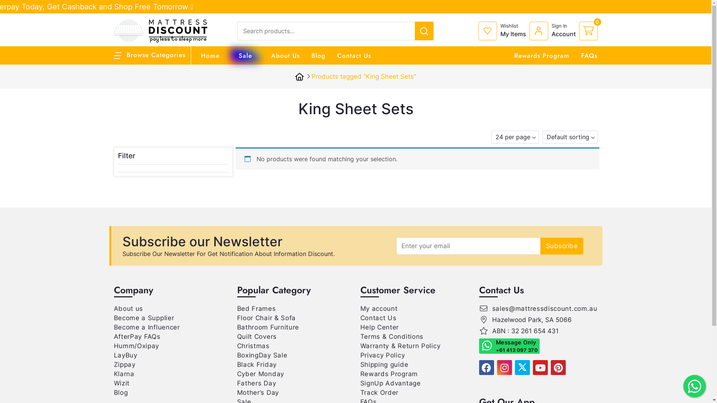  Describe the element at coordinates (311, 55) in the screenshot. I see `'Blog'` at that location.